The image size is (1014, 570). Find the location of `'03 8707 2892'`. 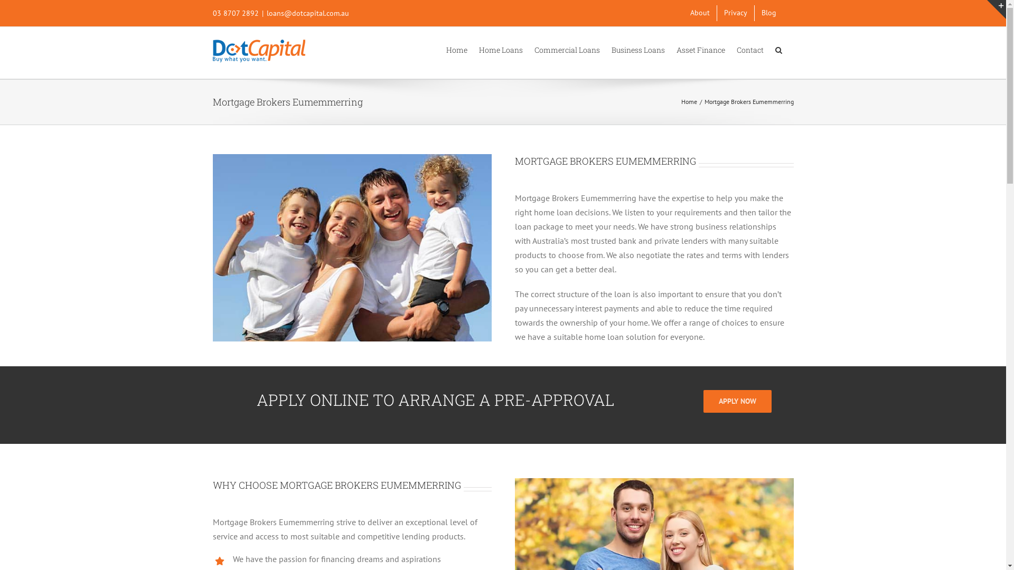

'03 8707 2892' is located at coordinates (234, 13).